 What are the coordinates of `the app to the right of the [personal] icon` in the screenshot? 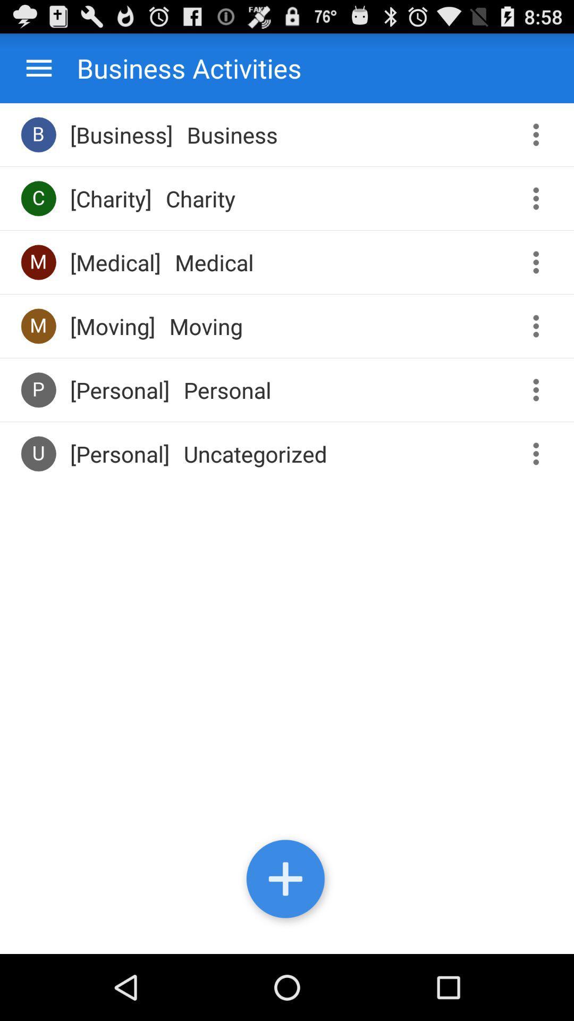 It's located at (255, 454).